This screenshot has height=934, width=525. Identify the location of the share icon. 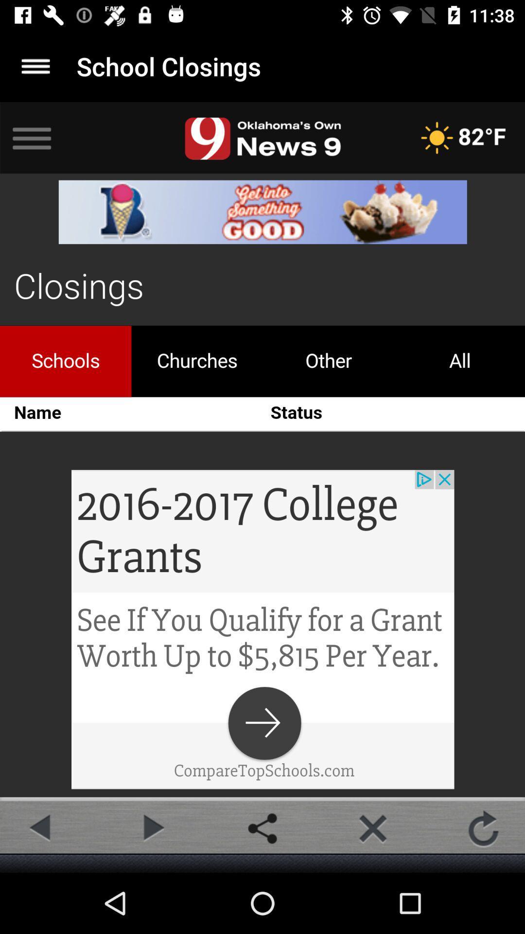
(262, 828).